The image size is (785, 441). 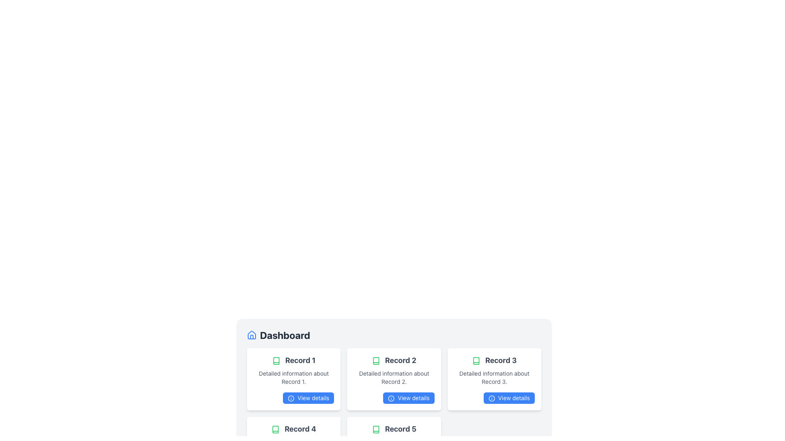 What do you see at coordinates (251, 335) in the screenshot?
I see `the 'Home' icon located to the left of the 'Dashboard' label in the interface header by clicking on it` at bounding box center [251, 335].